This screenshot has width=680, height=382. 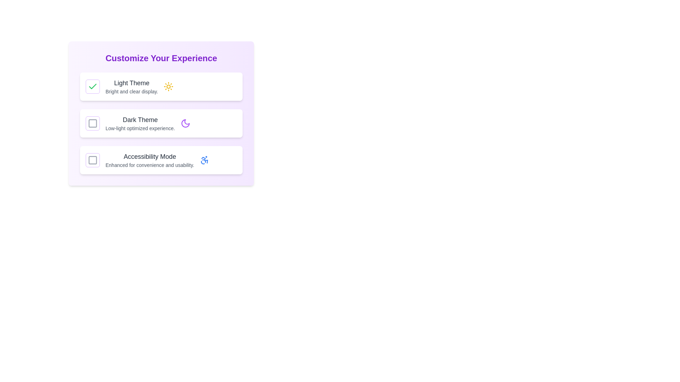 What do you see at coordinates (132, 91) in the screenshot?
I see `the static text label displaying 'Bright and clear display.', which is located beneath the heading 'Light Theme' in the top group of three selectable items` at bounding box center [132, 91].